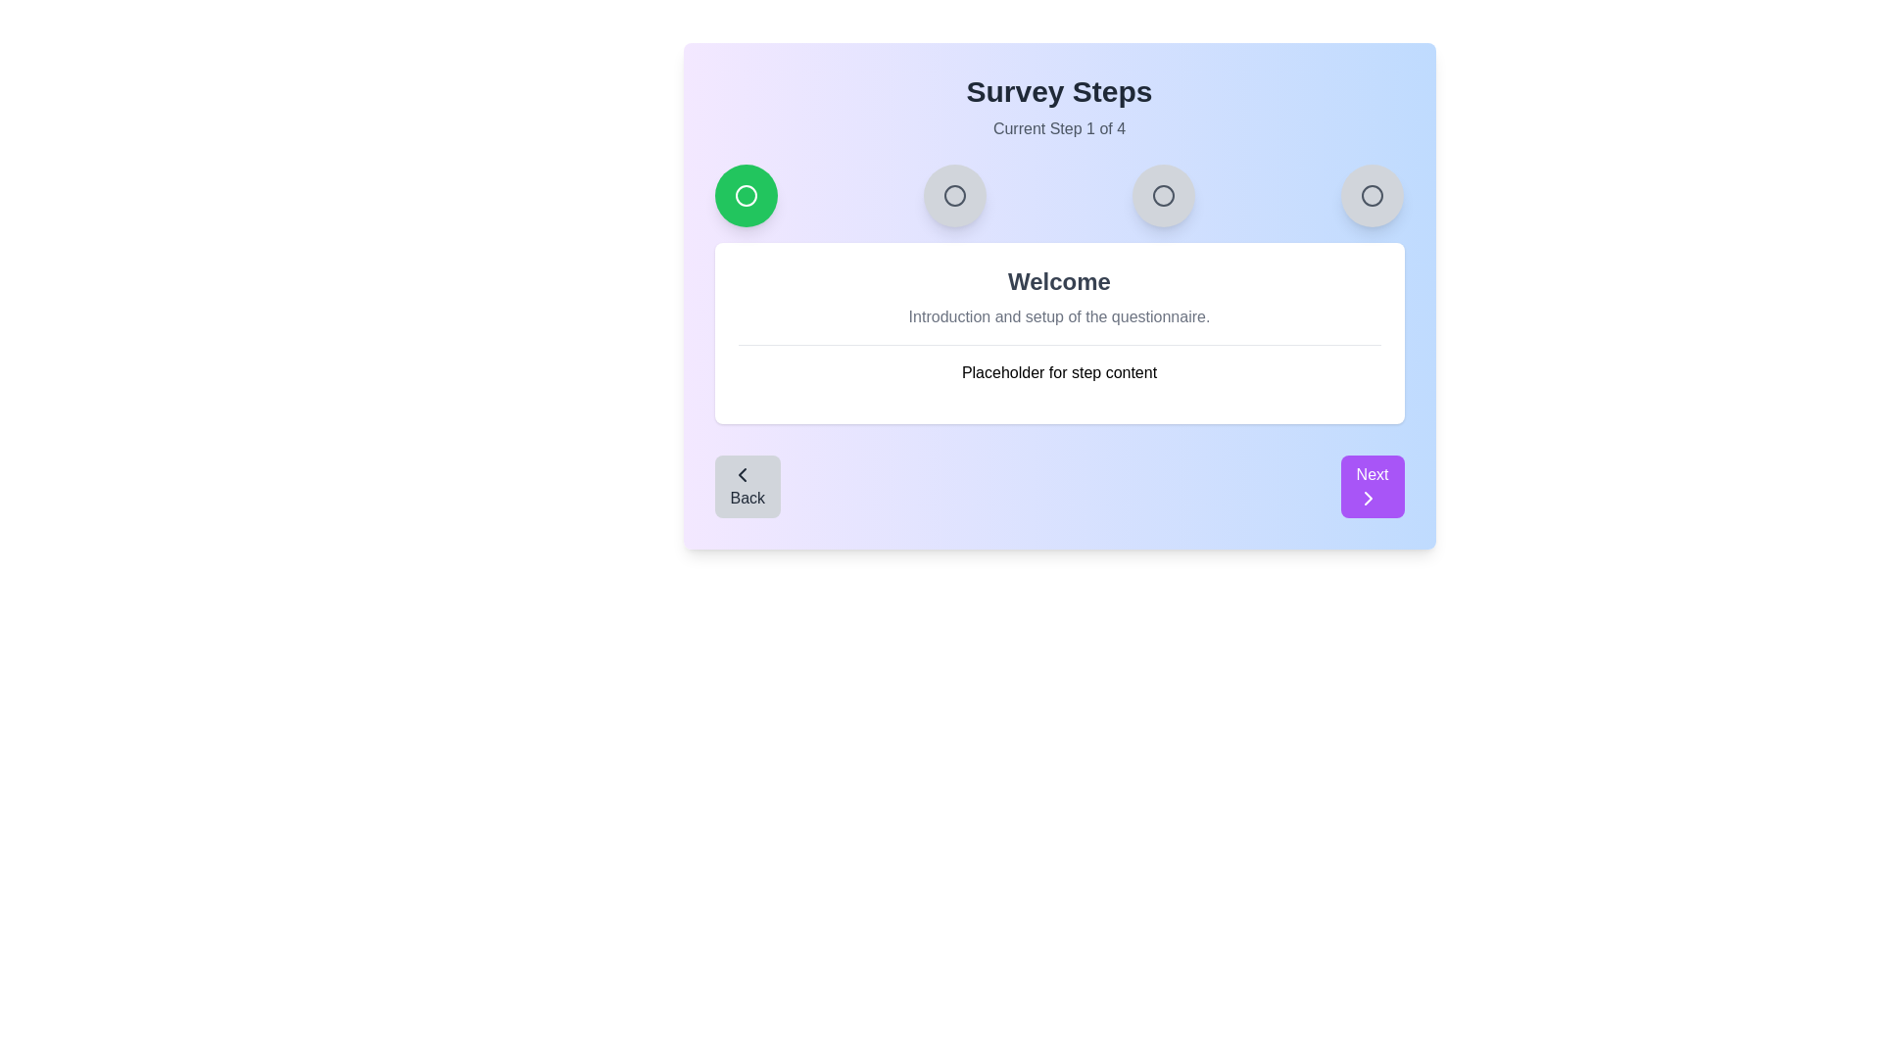  Describe the element at coordinates (1367, 498) in the screenshot. I see `the Chevron Arrow icon located within the 'Next' button` at that location.